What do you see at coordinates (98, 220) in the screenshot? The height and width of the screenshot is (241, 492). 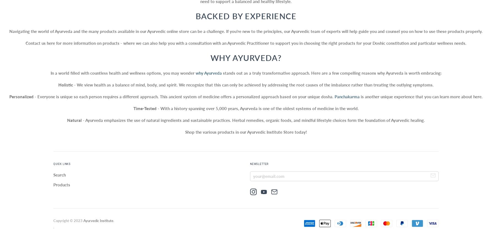 I see `'Ayurvedic Institute'` at bounding box center [98, 220].